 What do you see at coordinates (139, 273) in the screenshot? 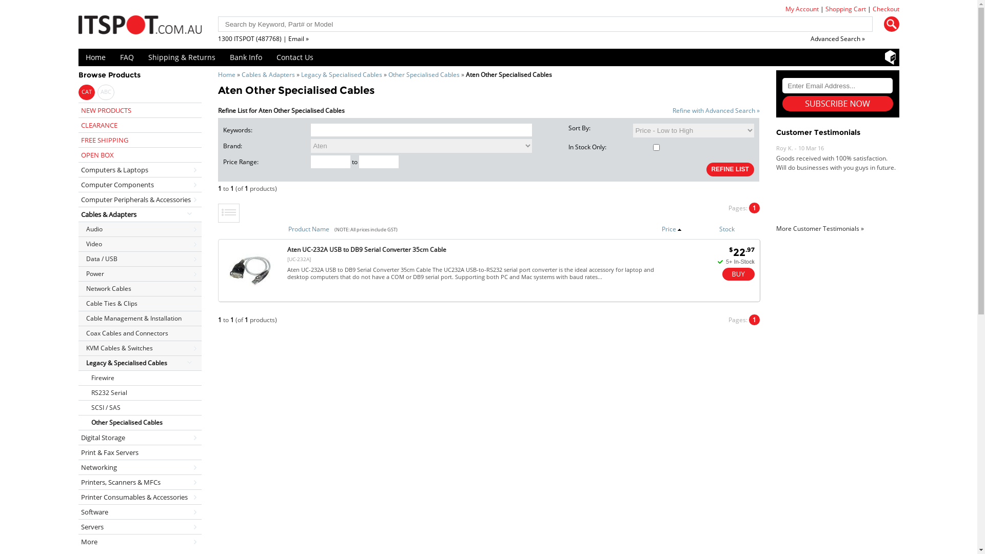
I see `'Power'` at bounding box center [139, 273].